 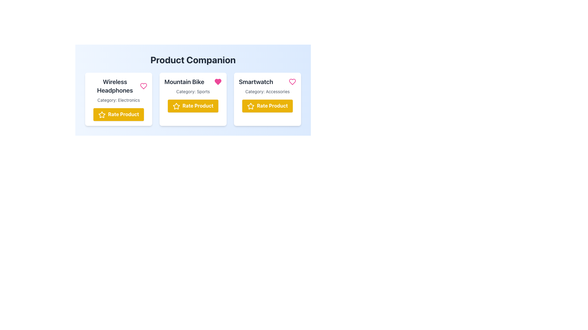 What do you see at coordinates (267, 105) in the screenshot?
I see `the 'Rate Product' button located at the bottom of the 'Smartwatch' card to initiate the product rating process` at bounding box center [267, 105].